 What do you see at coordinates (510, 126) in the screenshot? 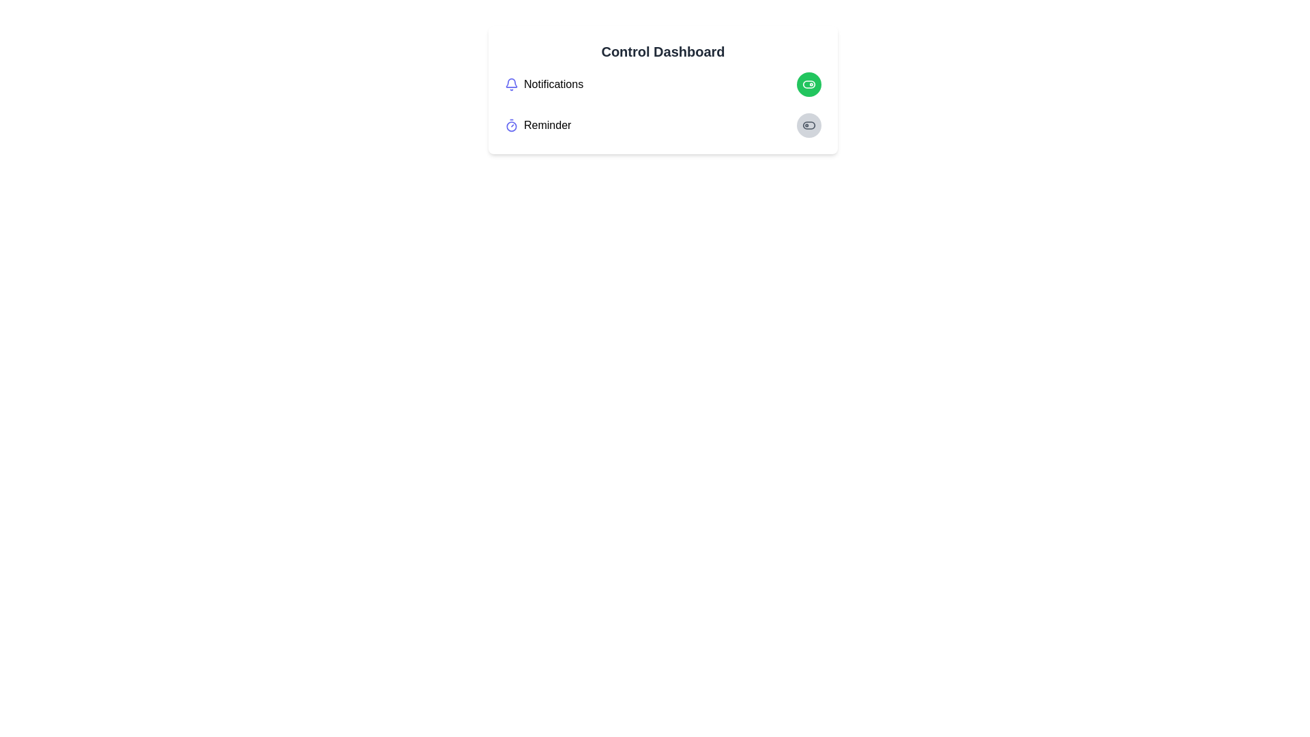
I see `the timer icon, which is dark-colored and` at bounding box center [510, 126].